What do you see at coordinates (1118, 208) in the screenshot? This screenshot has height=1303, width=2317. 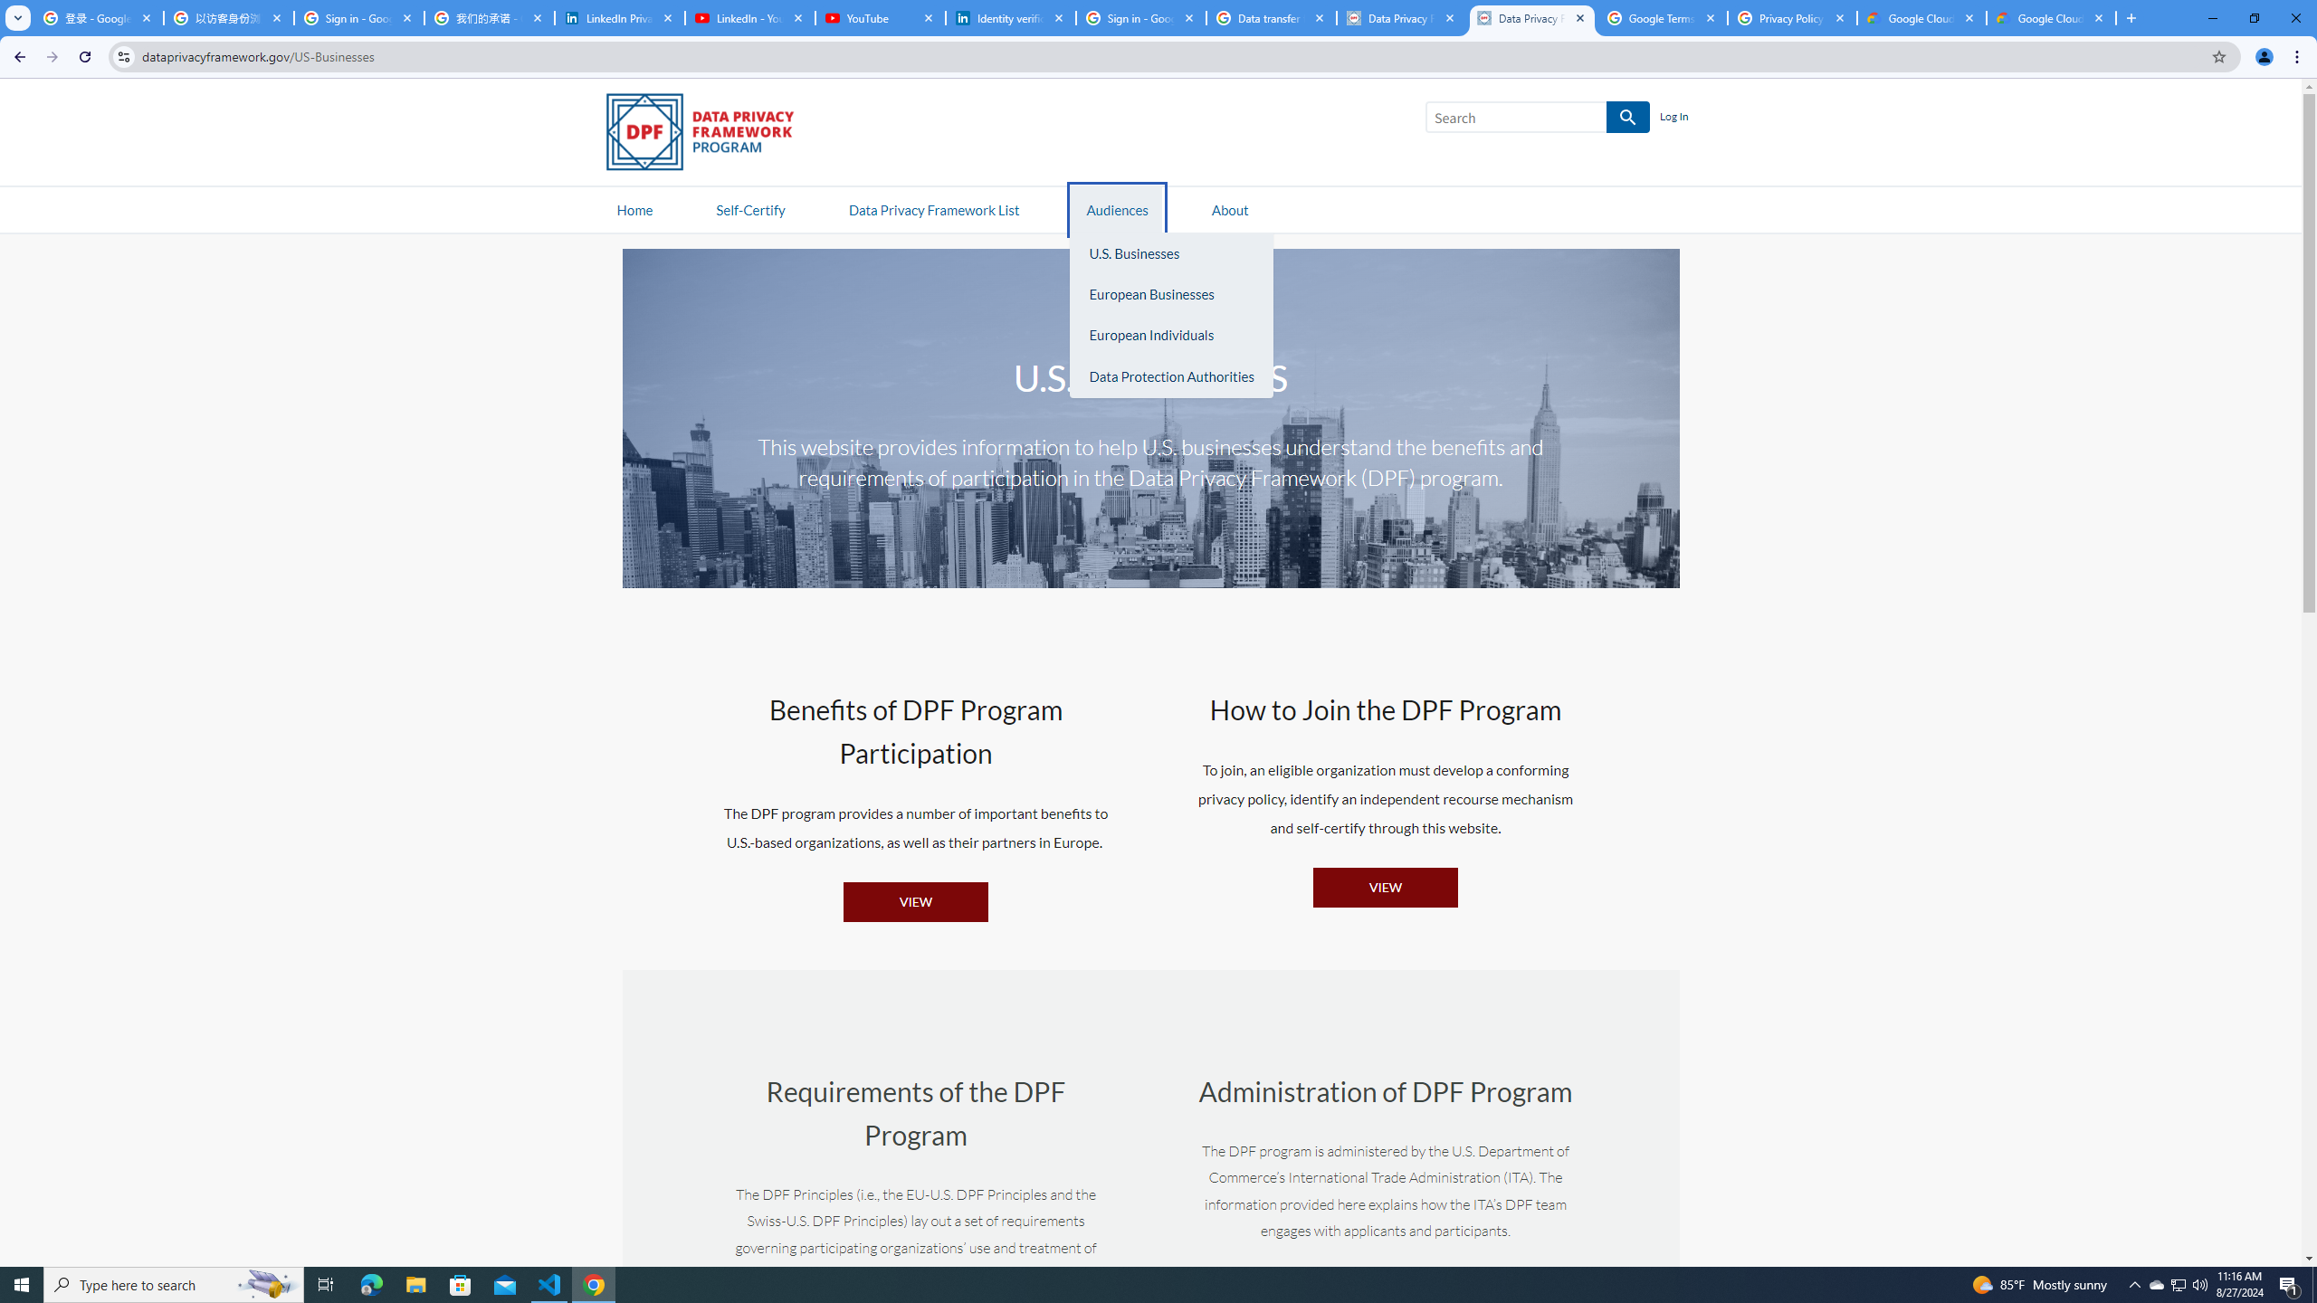 I see `'Audiences'` at bounding box center [1118, 208].